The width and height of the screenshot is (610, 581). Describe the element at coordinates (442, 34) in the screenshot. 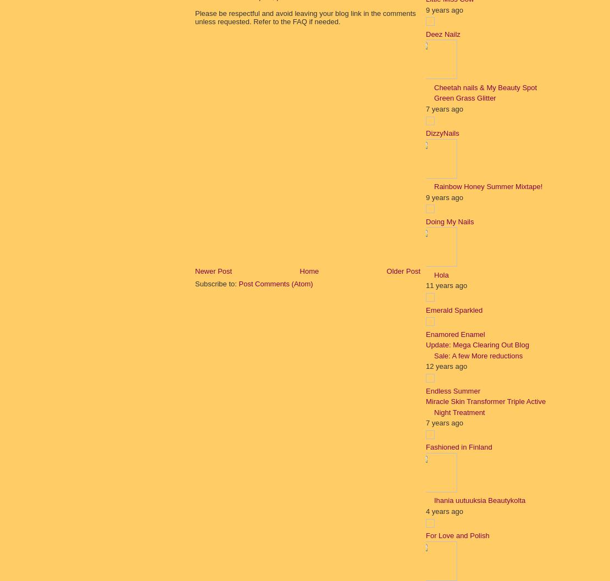

I see `'Deez Nailz'` at that location.